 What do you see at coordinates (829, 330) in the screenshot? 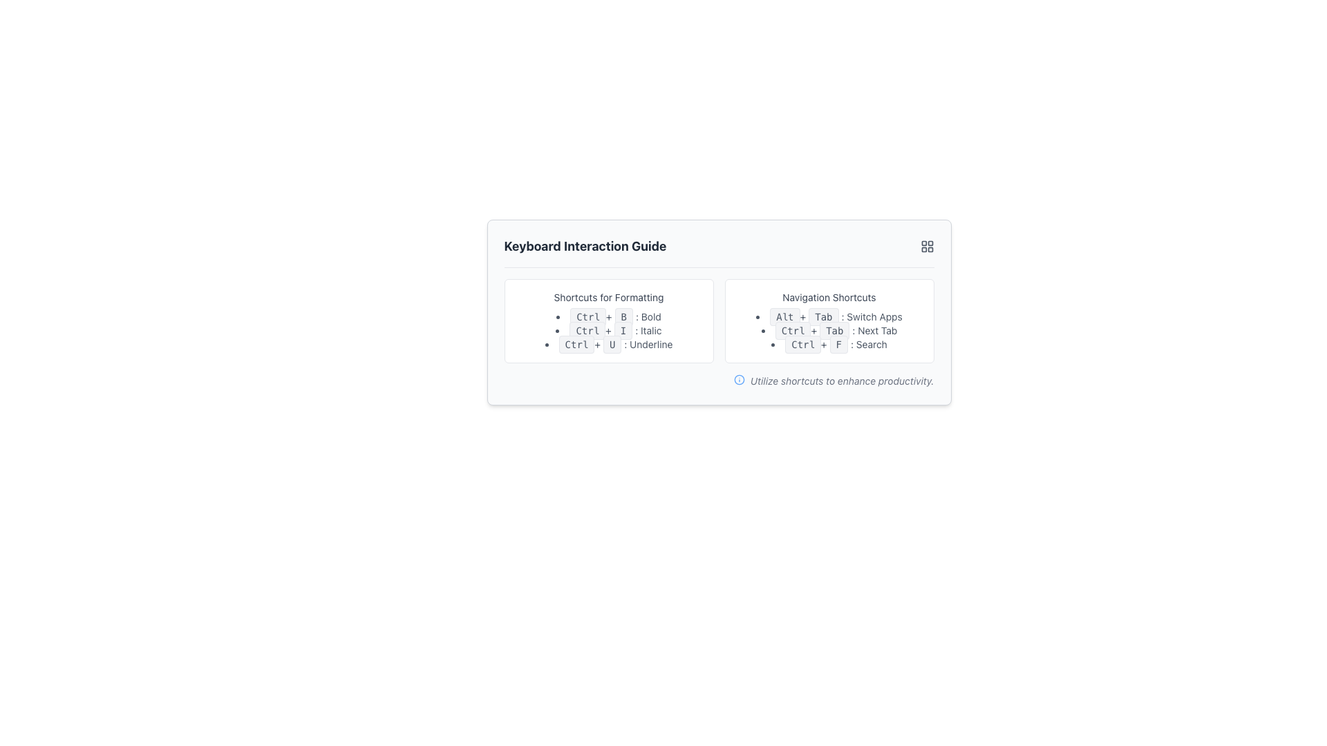
I see `the instructional guide in the 'Navigation Shortcuts' section, specifically the bulleted list of key combinations and their actions` at bounding box center [829, 330].